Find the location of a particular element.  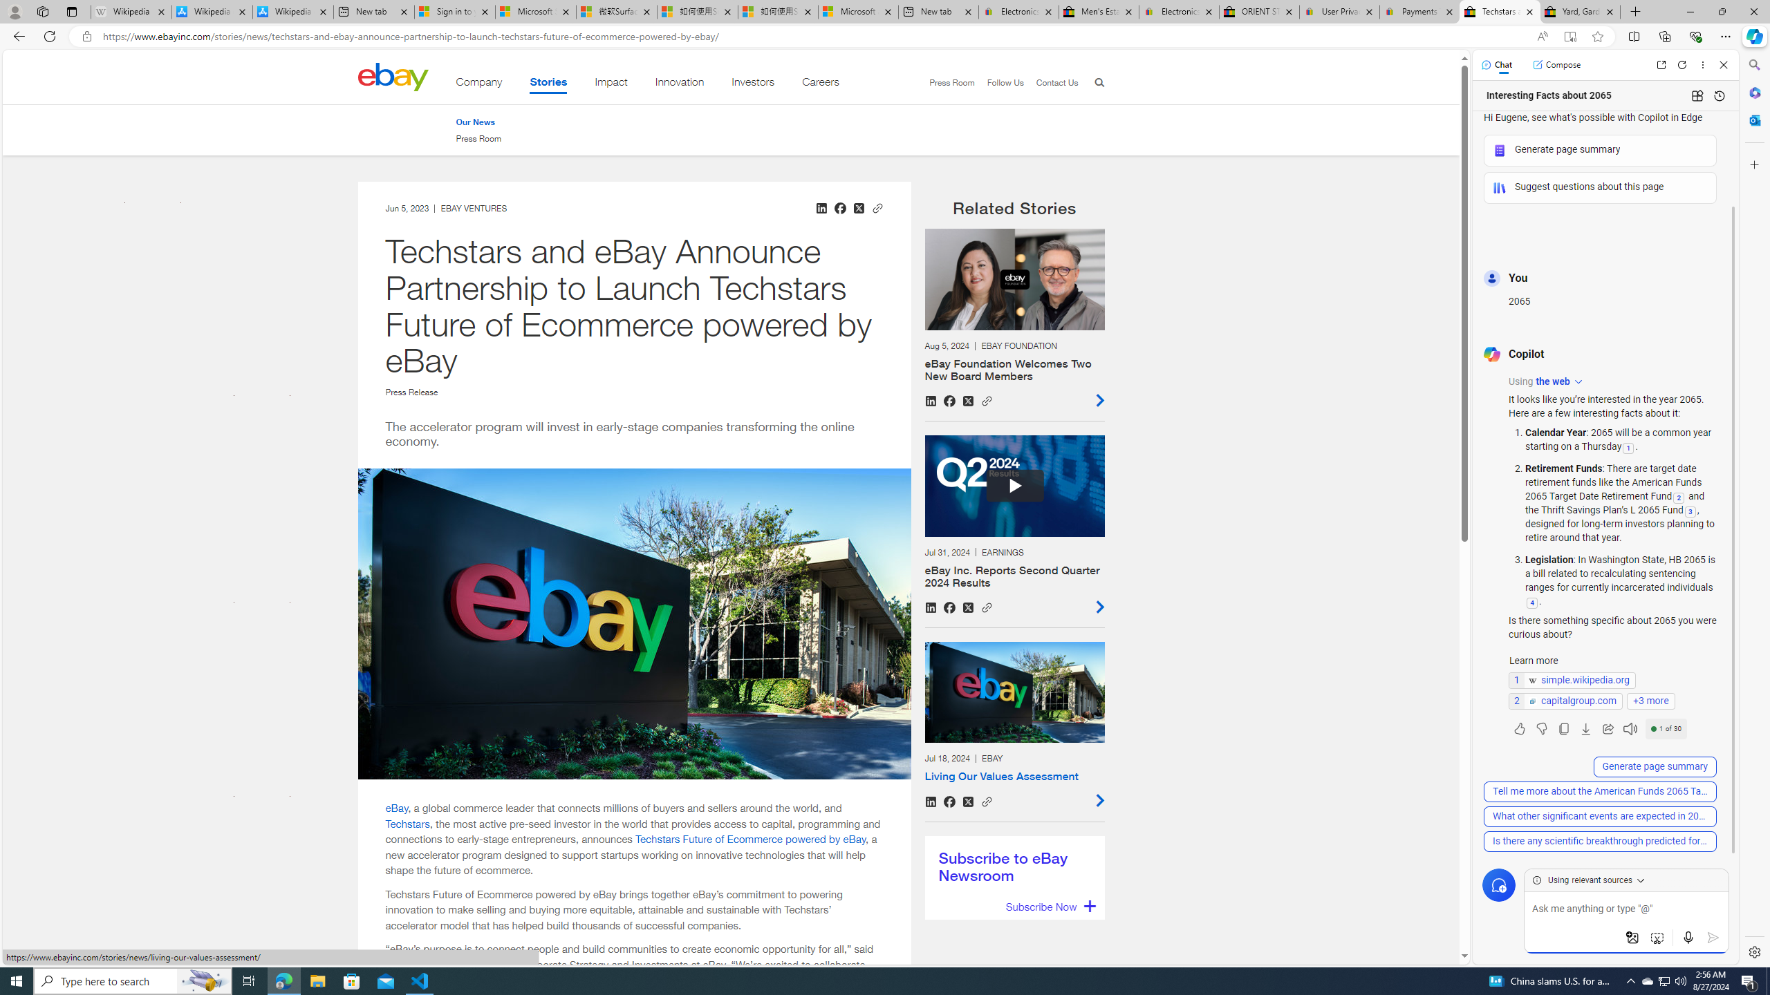

'Article: eBay Inc. Reports Second Quarter 2024 Results' is located at coordinates (1014, 524).